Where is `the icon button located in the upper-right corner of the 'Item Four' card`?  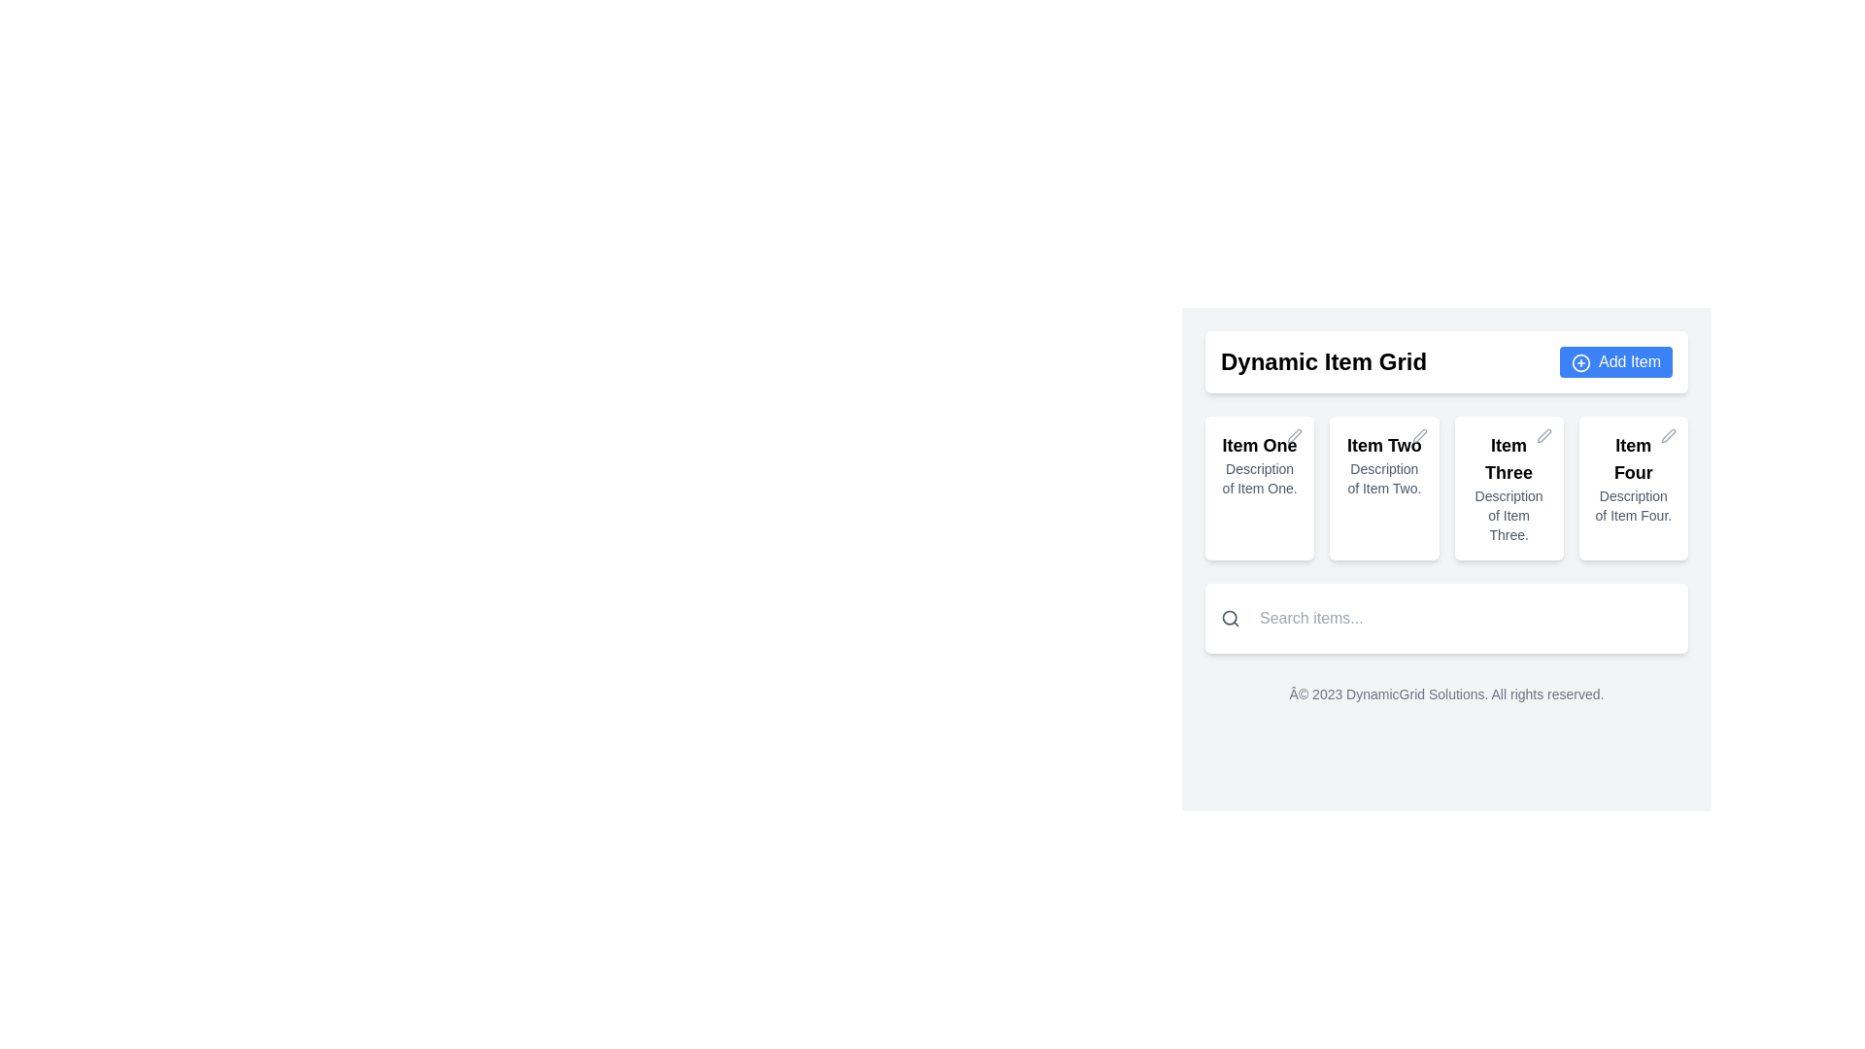
the icon button located in the upper-right corner of the 'Item Four' card is located at coordinates (1668, 433).